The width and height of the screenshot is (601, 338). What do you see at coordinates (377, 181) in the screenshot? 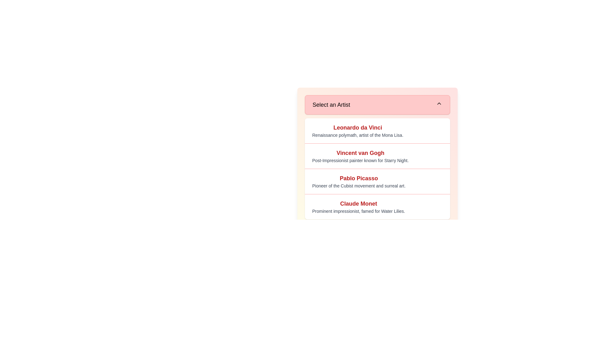
I see `detailed text of the third list item titled 'Pablo Picasso' with a subtitle about his contributions to art` at bounding box center [377, 181].